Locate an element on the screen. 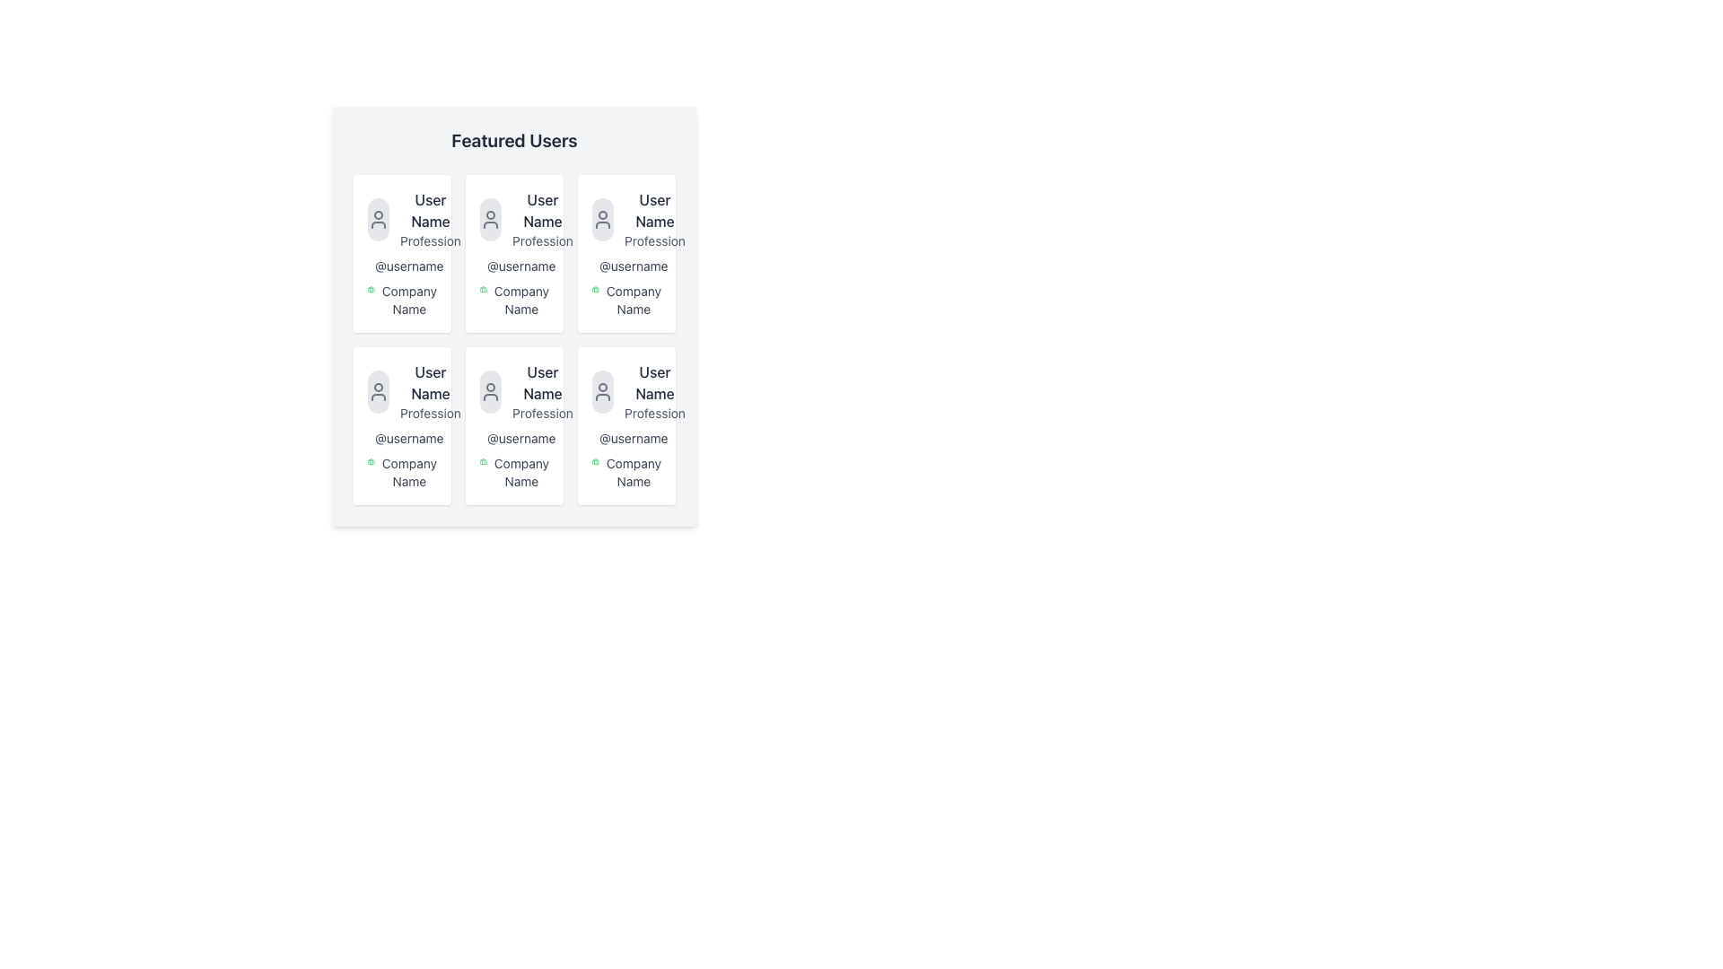 Image resolution: width=1723 pixels, height=969 pixels. the Profile display block that contains the username in larger, bold fonts and the profession in smaller, muted text, located in the second column of the upper row in a grid layout is located at coordinates (513, 219).